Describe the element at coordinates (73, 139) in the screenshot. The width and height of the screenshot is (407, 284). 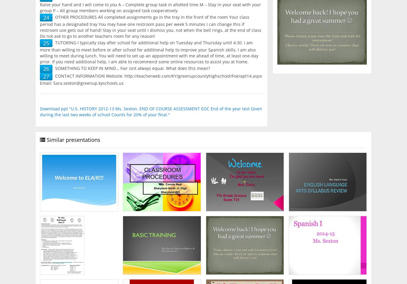
I see `'Similar presentations'` at that location.